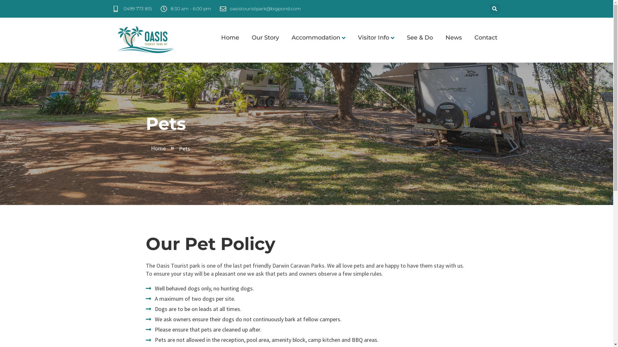 Image resolution: width=618 pixels, height=347 pixels. I want to click on 'Our Story', so click(262, 38).